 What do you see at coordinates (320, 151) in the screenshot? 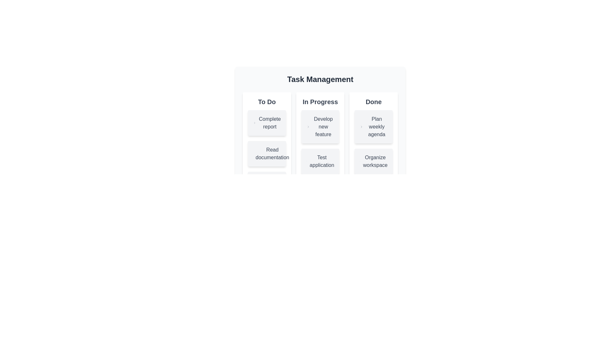
I see `the static informational card labeled 'Test application' in the 'In Progress' section` at bounding box center [320, 151].